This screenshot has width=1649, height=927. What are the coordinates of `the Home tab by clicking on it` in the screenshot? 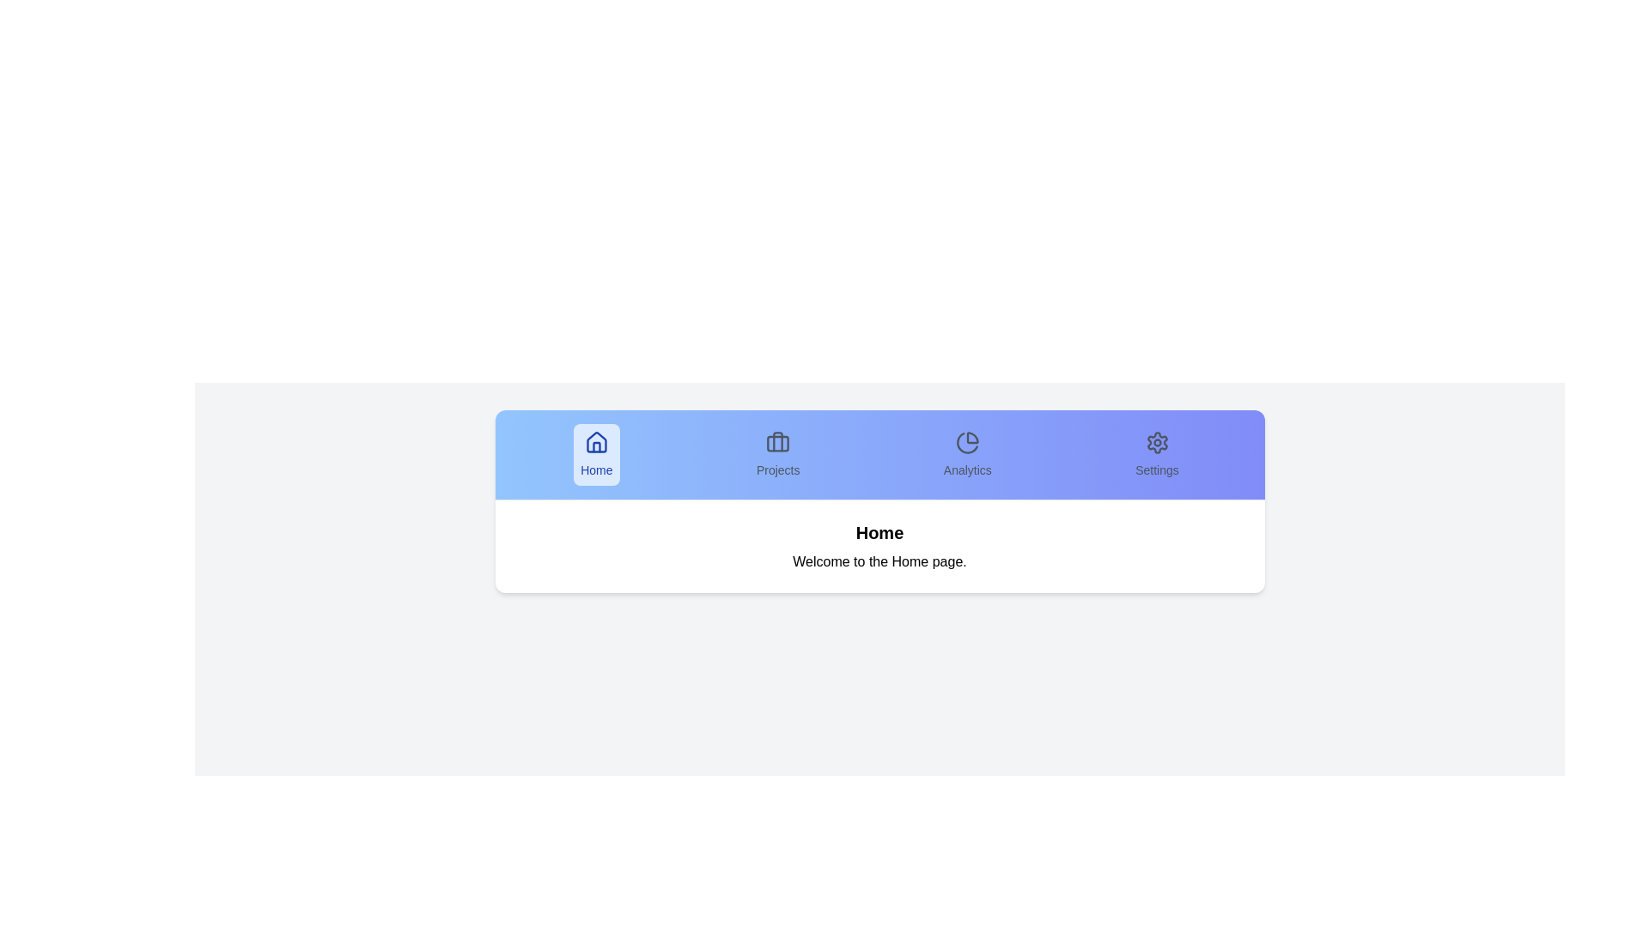 It's located at (596, 453).